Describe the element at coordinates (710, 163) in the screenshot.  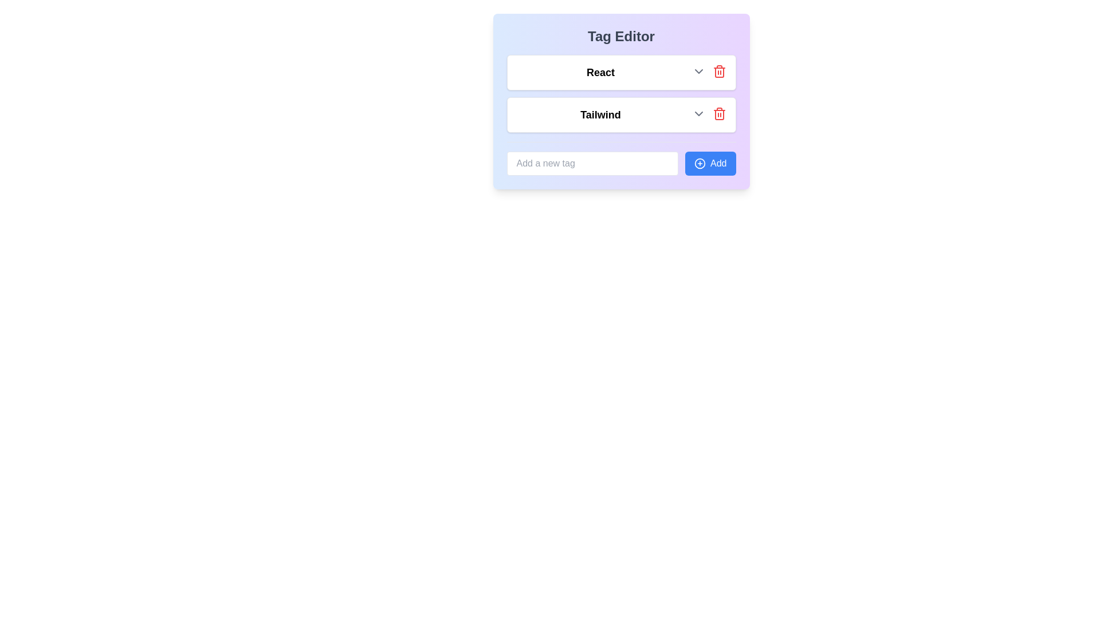
I see `the button located at the bottom-right corner of the section next to the 'Add a new tag' text input field to activate hover effects` at that location.